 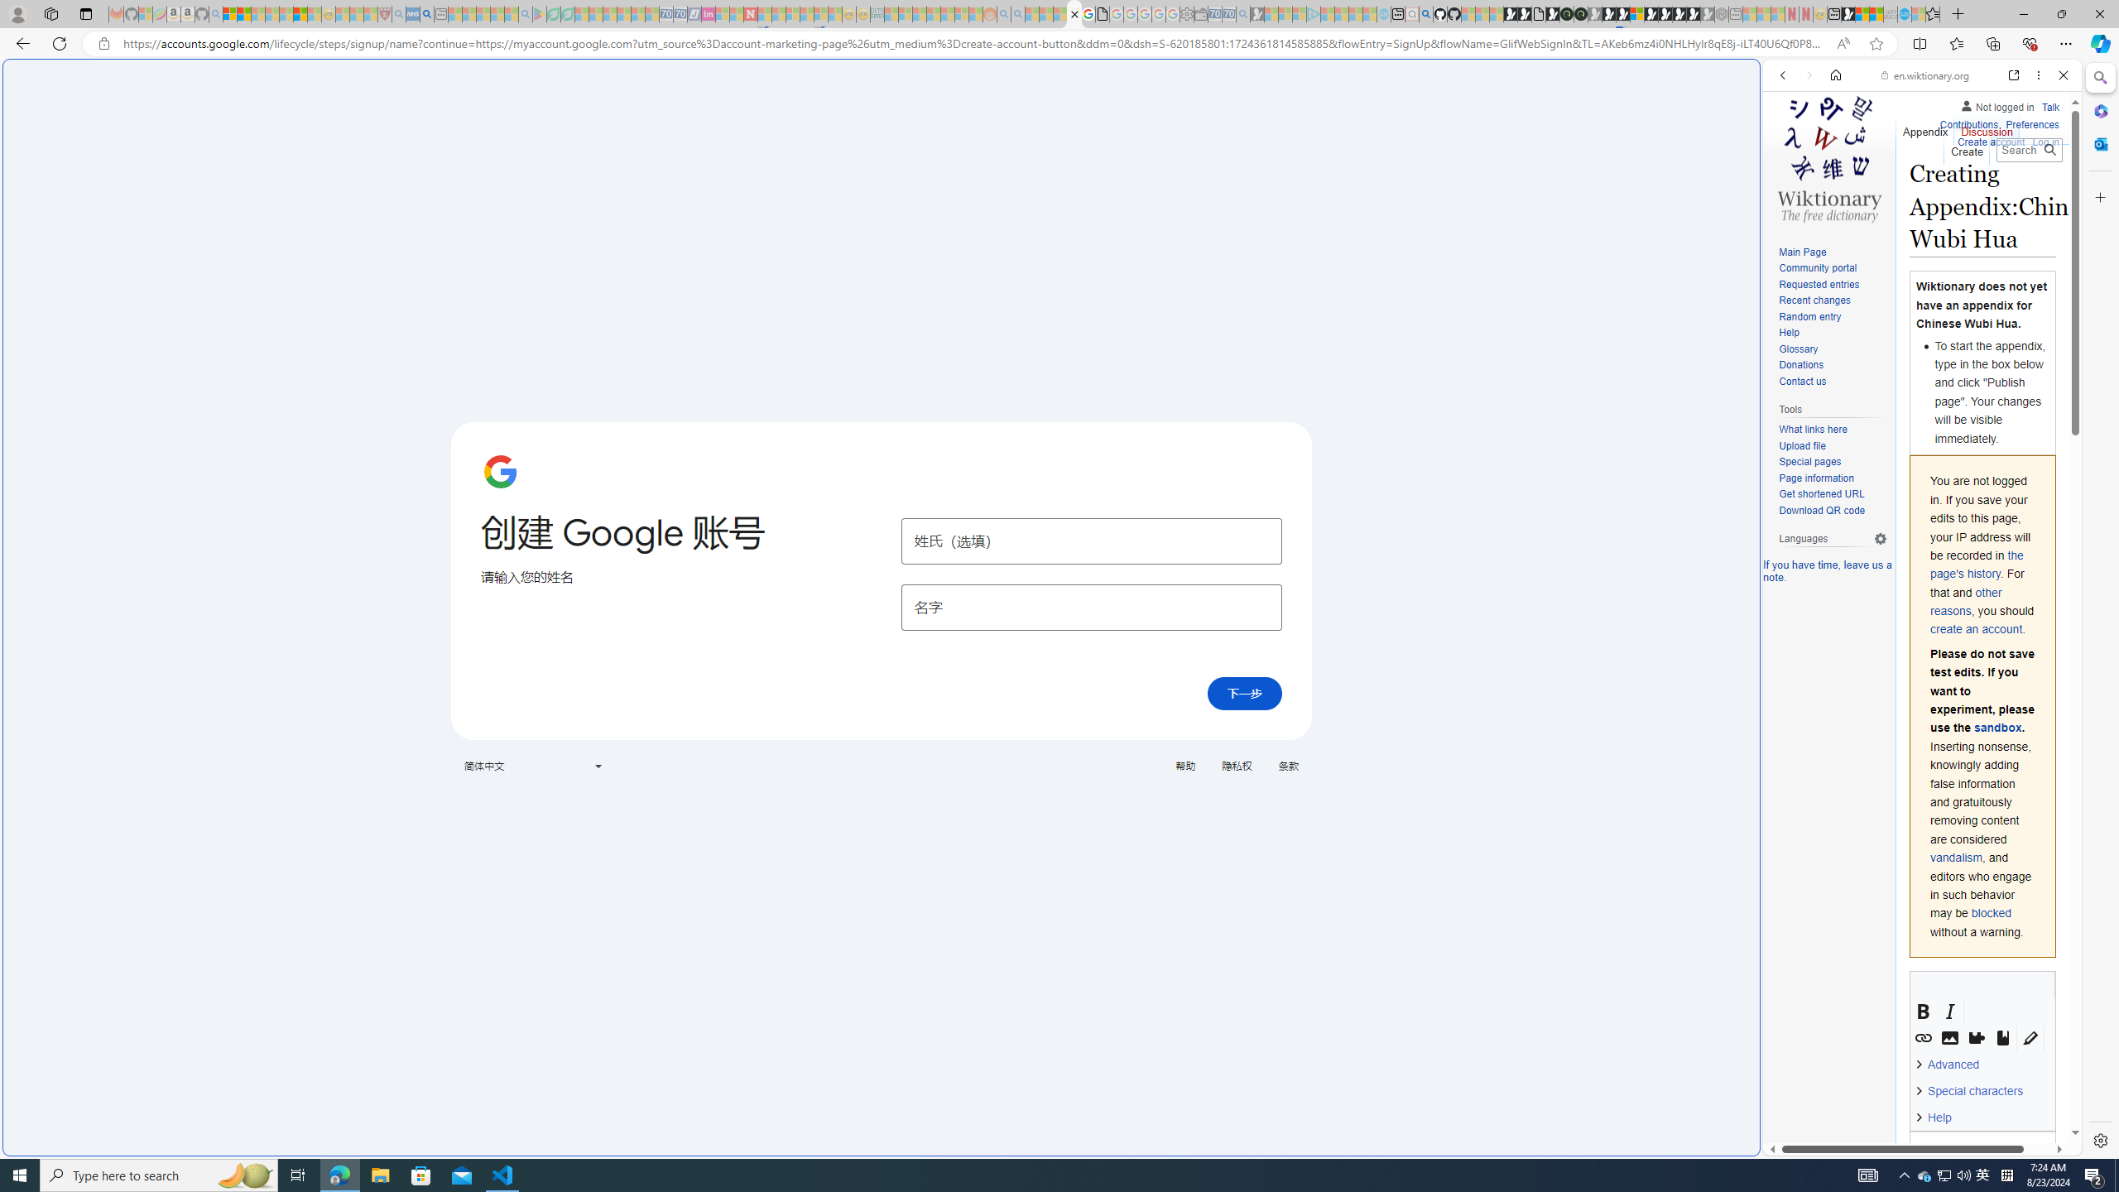 What do you see at coordinates (1991, 139) in the screenshot?
I see `'Create account'` at bounding box center [1991, 139].